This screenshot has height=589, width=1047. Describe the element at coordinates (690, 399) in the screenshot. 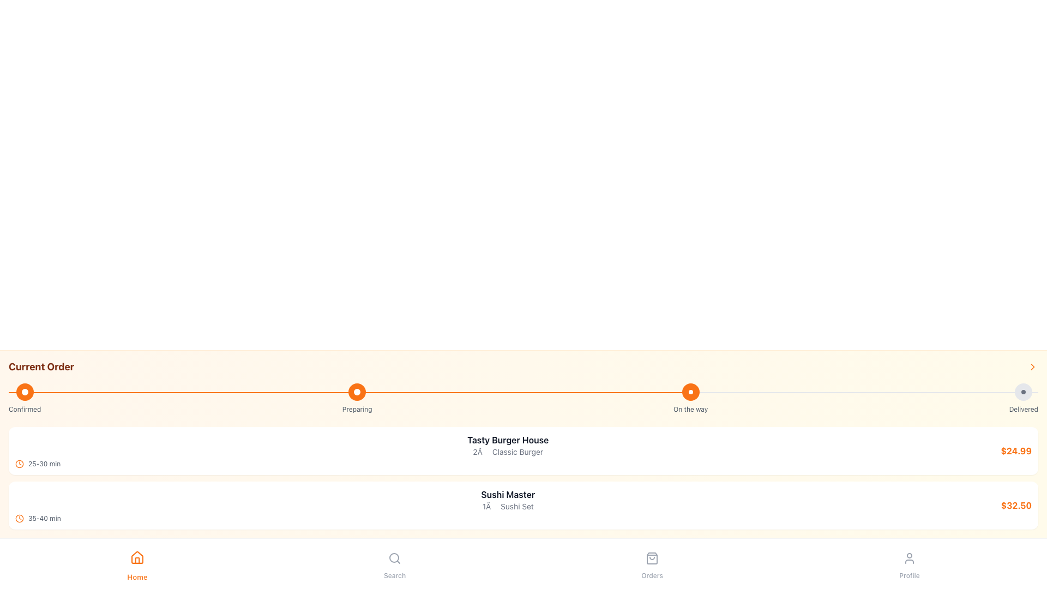

I see `the third milestone status indicator with the text 'On the way' in the horizontal progress tracker, which features a circular orange icon and is located near the center-right of the tracker` at that location.